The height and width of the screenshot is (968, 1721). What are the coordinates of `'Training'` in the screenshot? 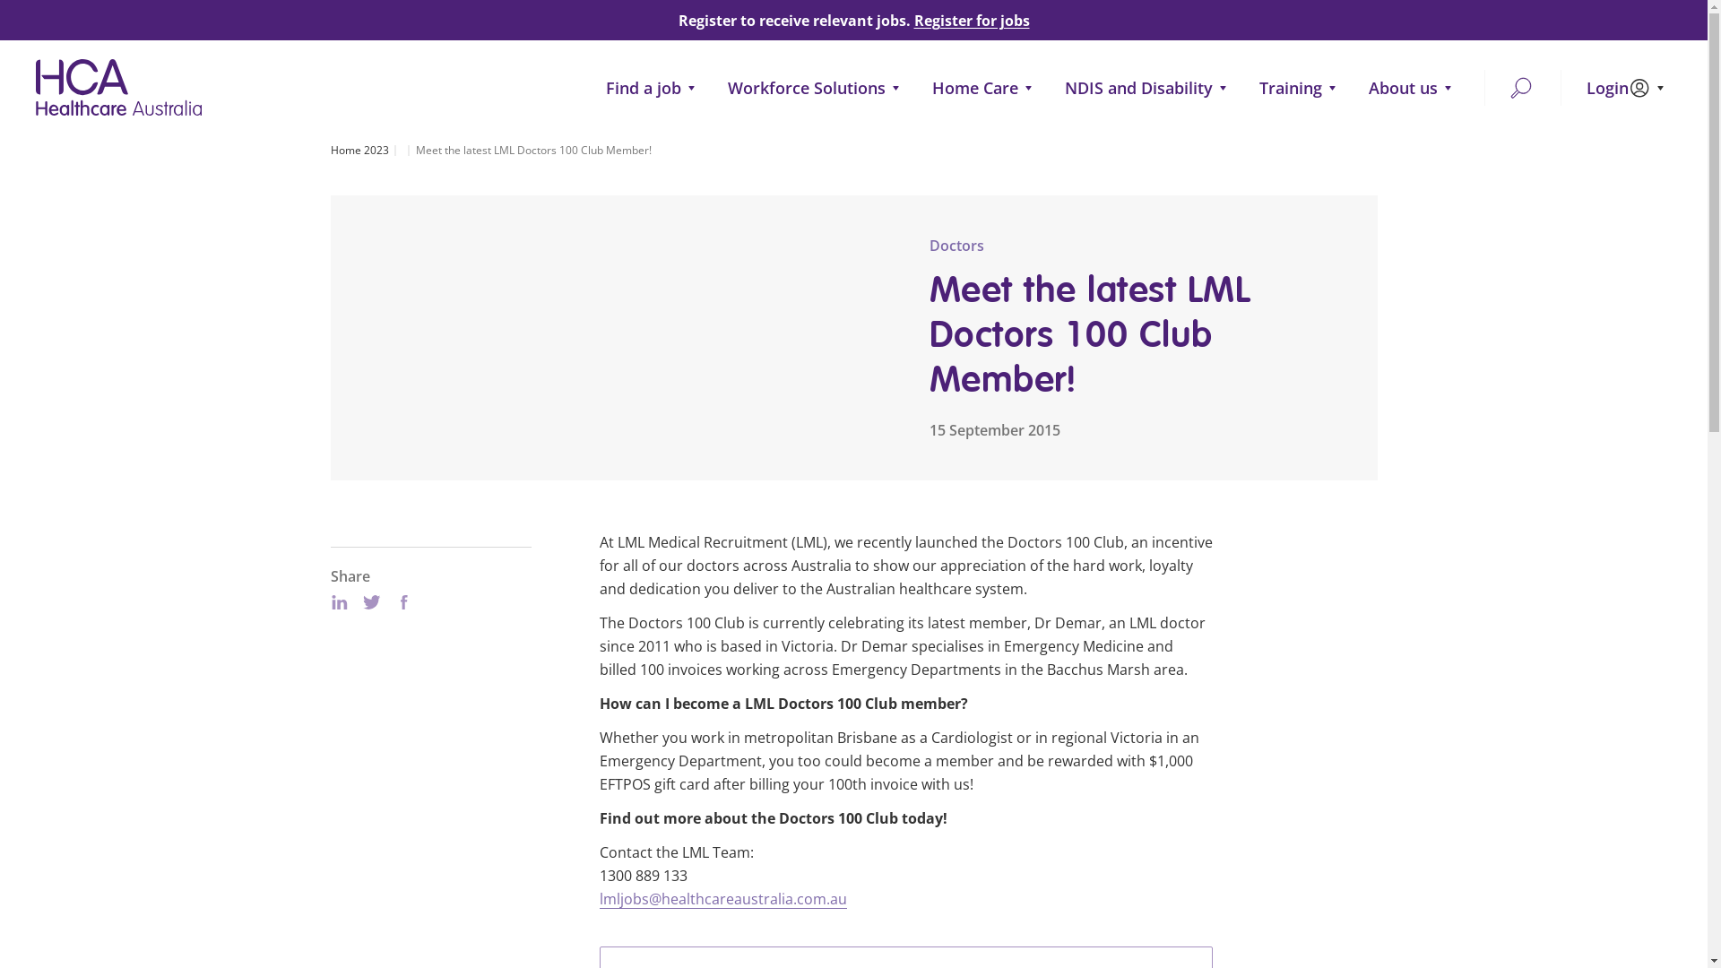 It's located at (1302, 87).